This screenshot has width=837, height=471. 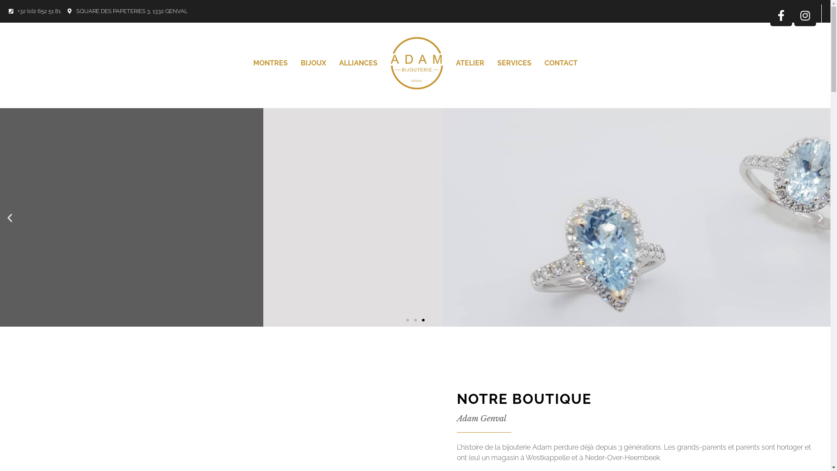 What do you see at coordinates (293, 63) in the screenshot?
I see `'BIJOUX'` at bounding box center [293, 63].